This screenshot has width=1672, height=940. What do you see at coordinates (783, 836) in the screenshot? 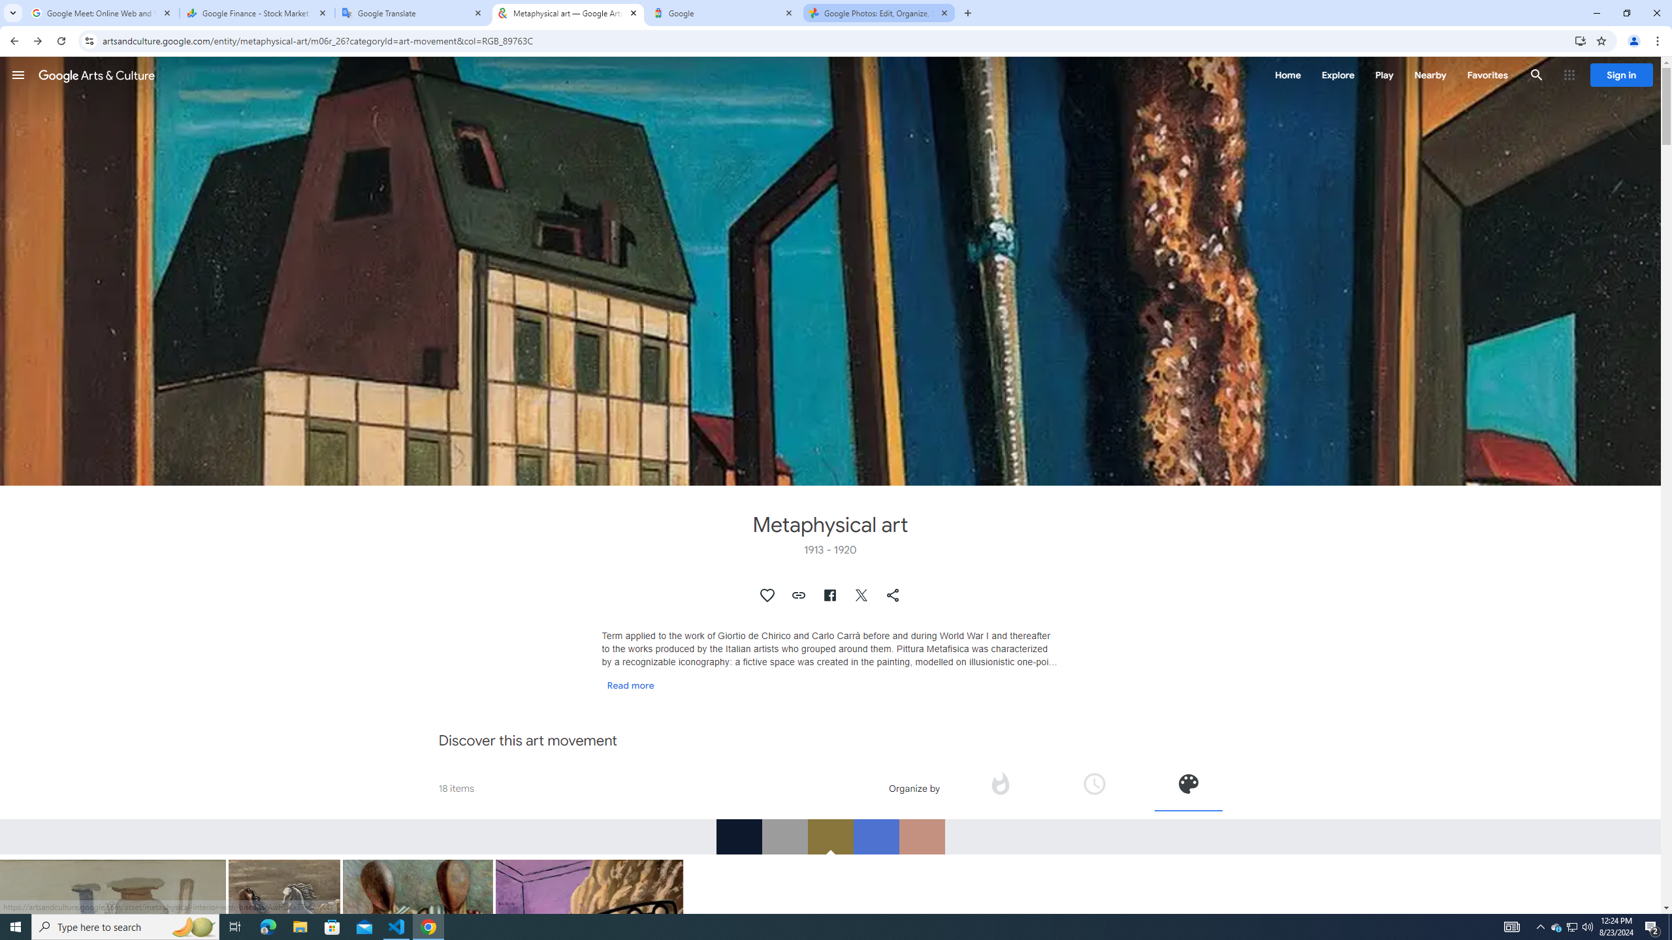
I see `'RGB_9C9C9C'` at bounding box center [783, 836].